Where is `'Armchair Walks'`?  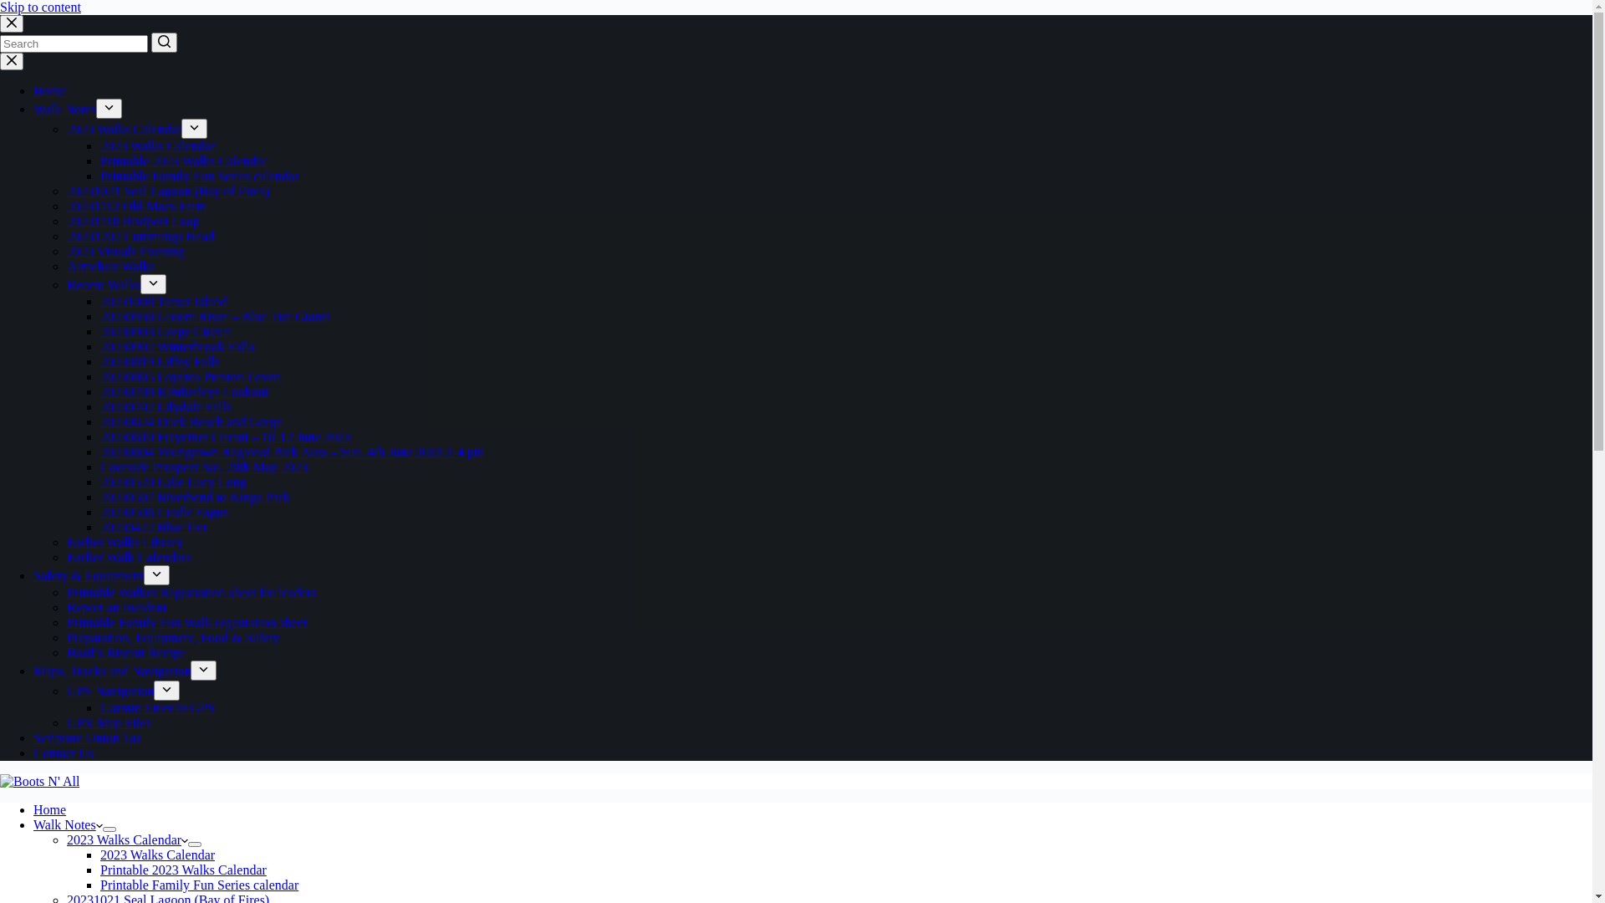
'Armchair Walks' is located at coordinates (110, 265).